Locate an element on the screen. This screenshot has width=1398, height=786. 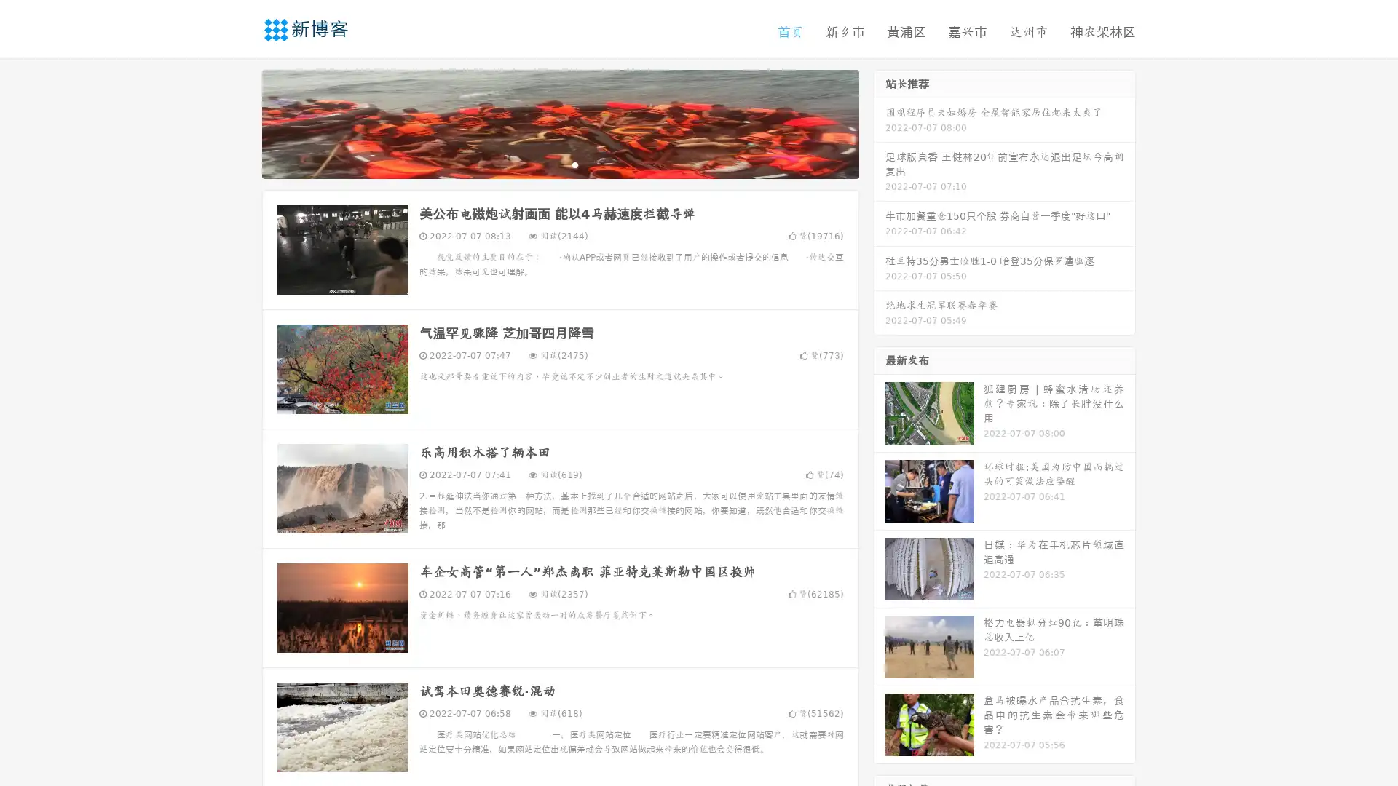
Go to slide 1 is located at coordinates (545, 164).